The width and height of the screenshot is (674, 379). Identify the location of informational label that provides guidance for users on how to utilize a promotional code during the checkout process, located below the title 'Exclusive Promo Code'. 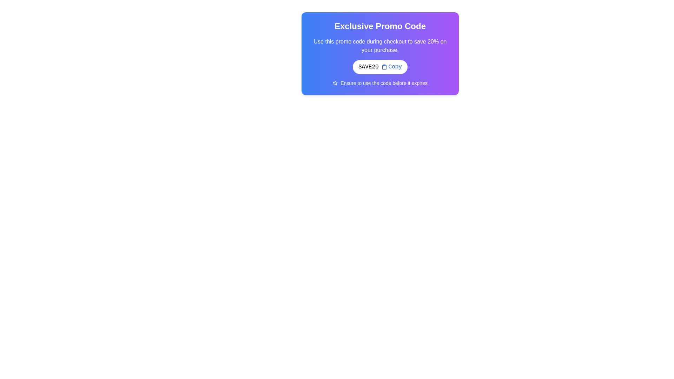
(380, 46).